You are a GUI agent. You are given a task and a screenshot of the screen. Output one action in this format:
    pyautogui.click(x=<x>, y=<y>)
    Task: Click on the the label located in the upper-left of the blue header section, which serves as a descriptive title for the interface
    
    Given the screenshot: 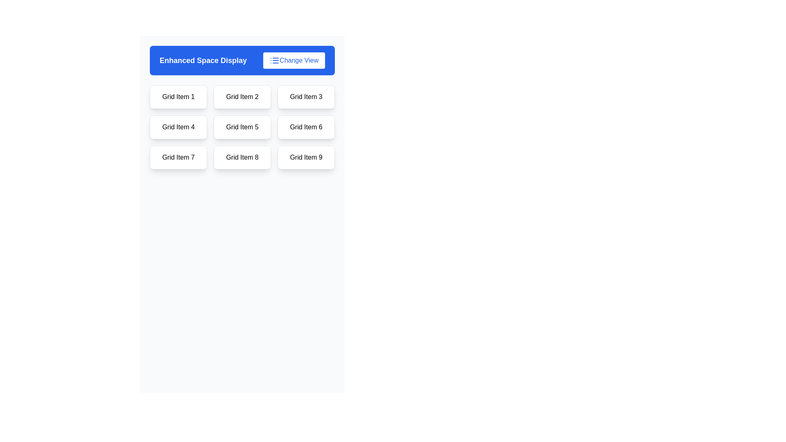 What is the action you would take?
    pyautogui.click(x=203, y=60)
    